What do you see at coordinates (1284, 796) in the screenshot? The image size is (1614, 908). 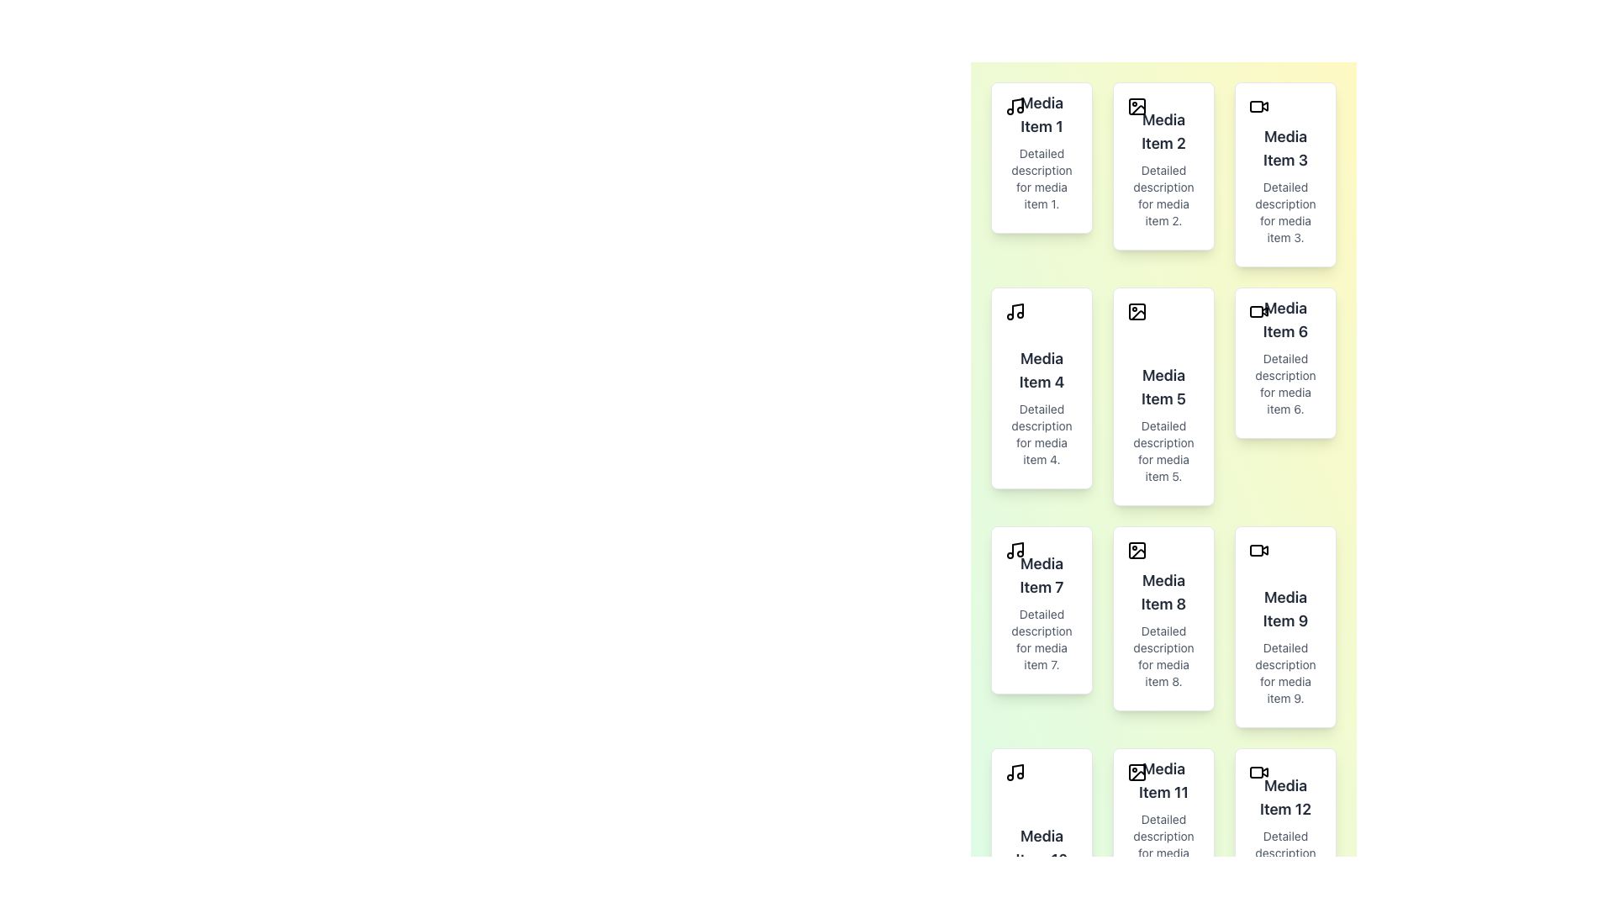 I see `the text label that serves as the title of the media item, located in the bottom-right corner of the grid structure, above the secondary description text` at bounding box center [1284, 796].